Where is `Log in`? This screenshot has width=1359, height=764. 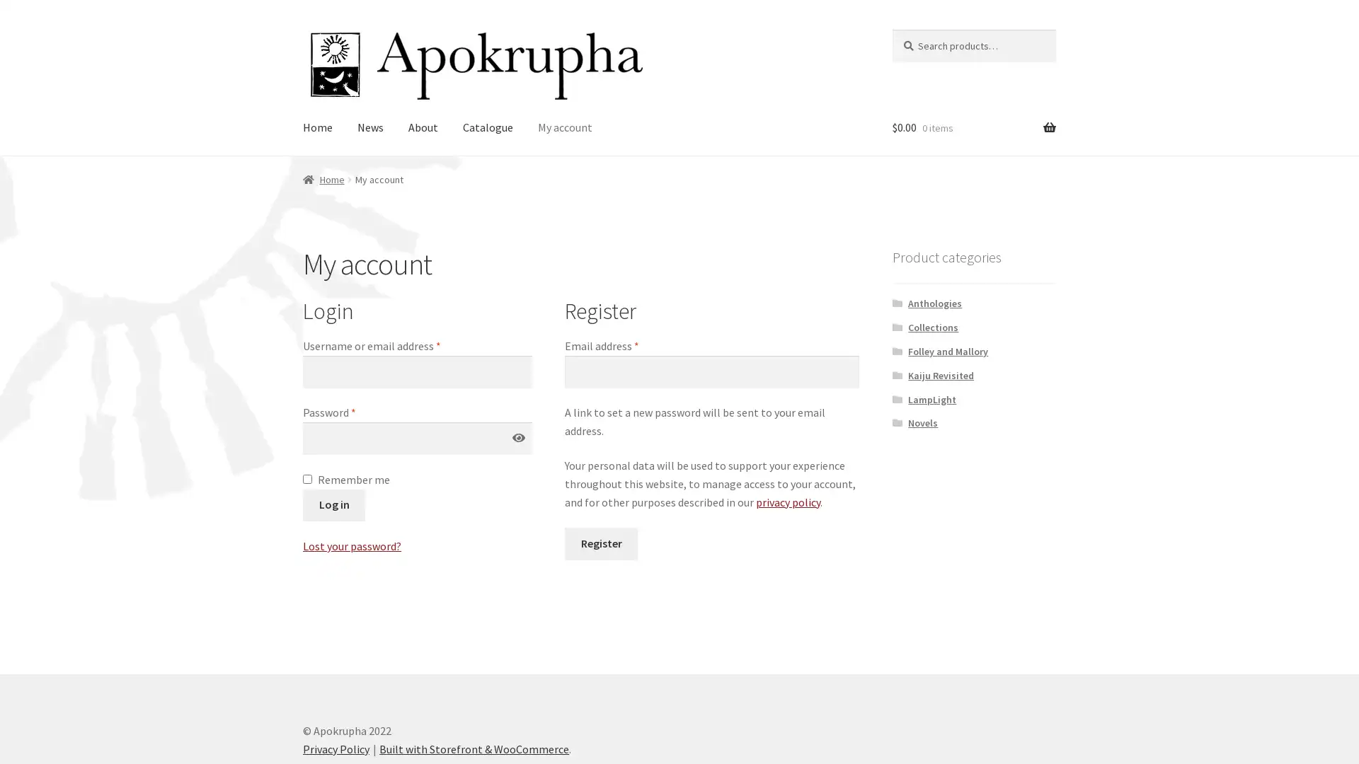
Log in is located at coordinates (333, 504).